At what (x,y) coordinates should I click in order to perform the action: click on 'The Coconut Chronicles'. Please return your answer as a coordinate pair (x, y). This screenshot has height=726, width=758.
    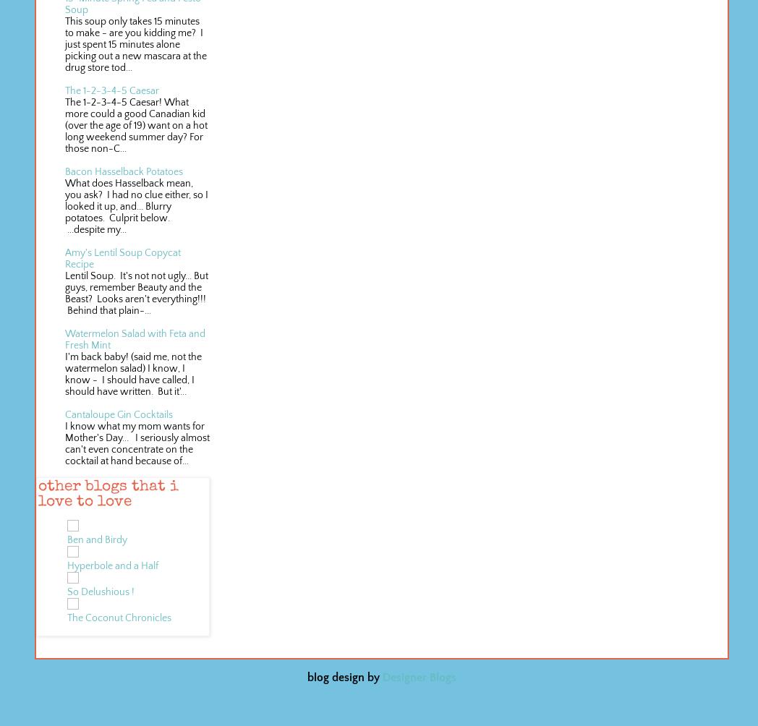
    Looking at the image, I should click on (66, 618).